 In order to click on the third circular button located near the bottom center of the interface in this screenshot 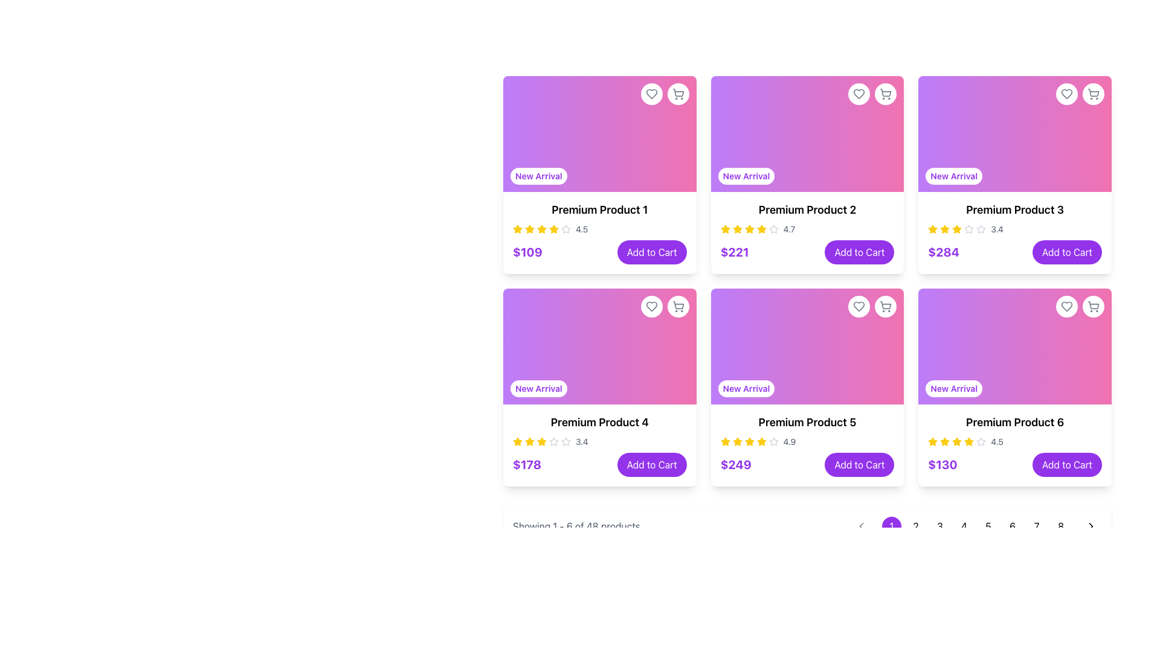, I will do `click(939, 525)`.